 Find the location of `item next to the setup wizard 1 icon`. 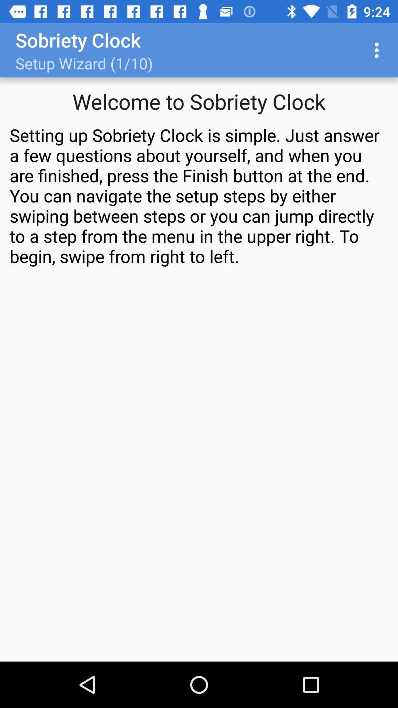

item next to the setup wizard 1 icon is located at coordinates (378, 50).